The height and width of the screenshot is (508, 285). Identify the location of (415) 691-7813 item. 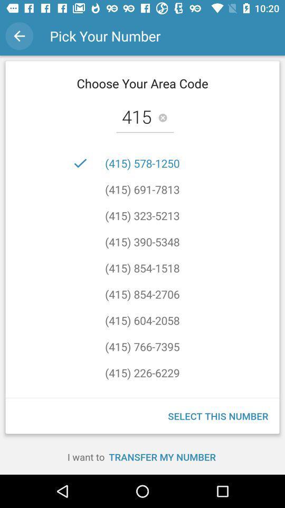
(142, 189).